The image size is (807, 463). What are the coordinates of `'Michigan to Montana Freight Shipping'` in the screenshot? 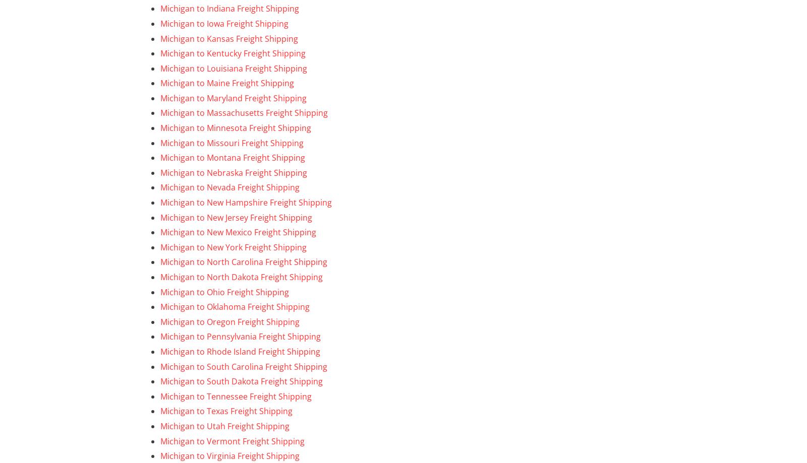 It's located at (232, 157).